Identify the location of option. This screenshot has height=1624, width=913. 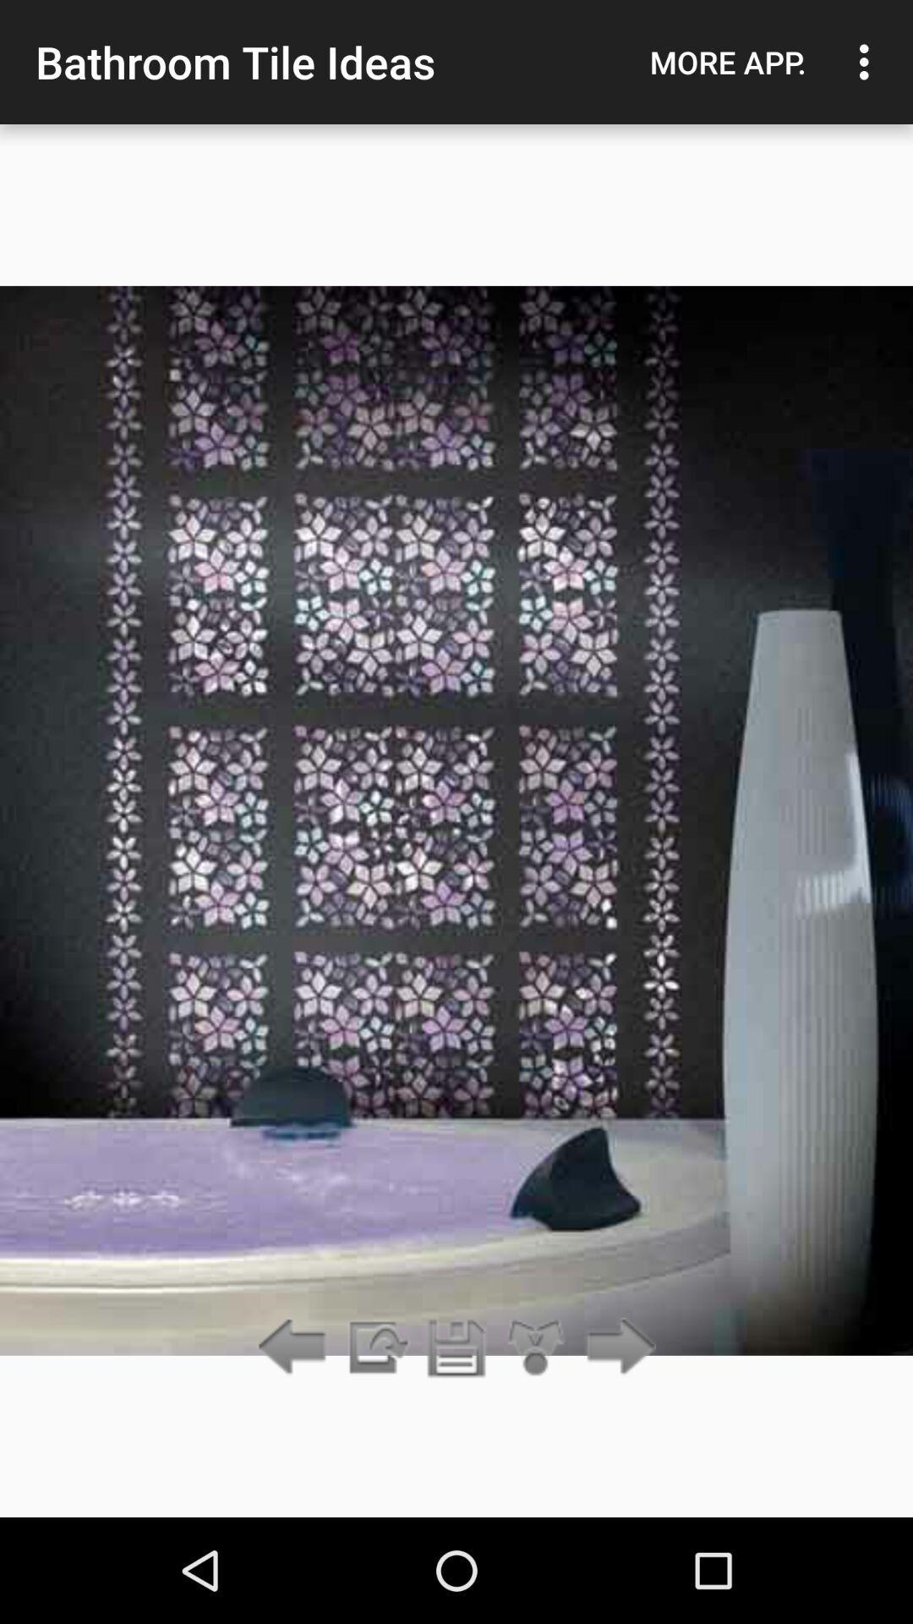
(536, 1347).